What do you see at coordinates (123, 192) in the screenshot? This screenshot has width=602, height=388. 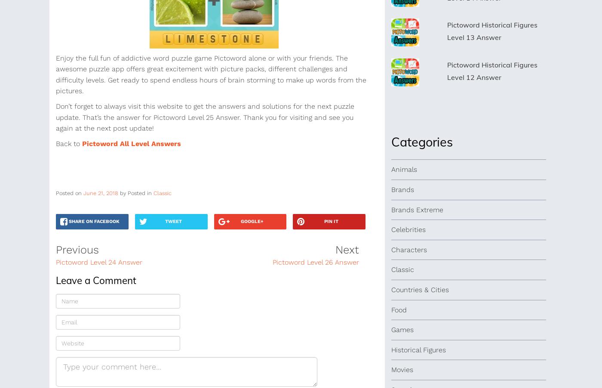 I see `'by'` at bounding box center [123, 192].